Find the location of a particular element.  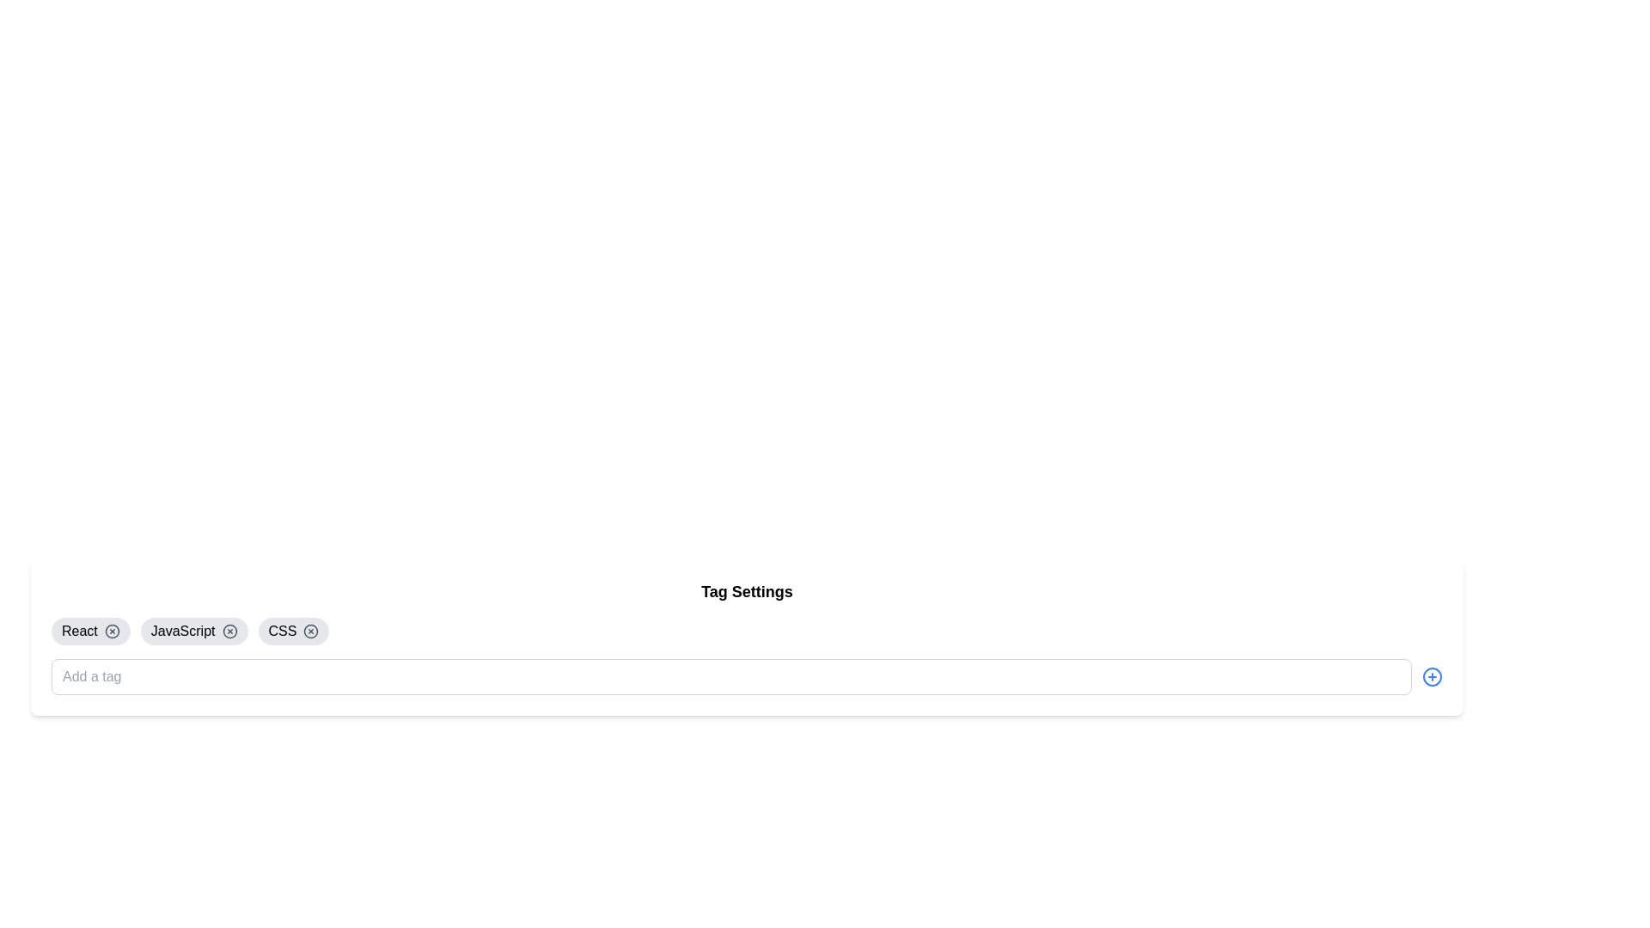

the delete icon button located to the right of the 'React' text is located at coordinates (111, 632).